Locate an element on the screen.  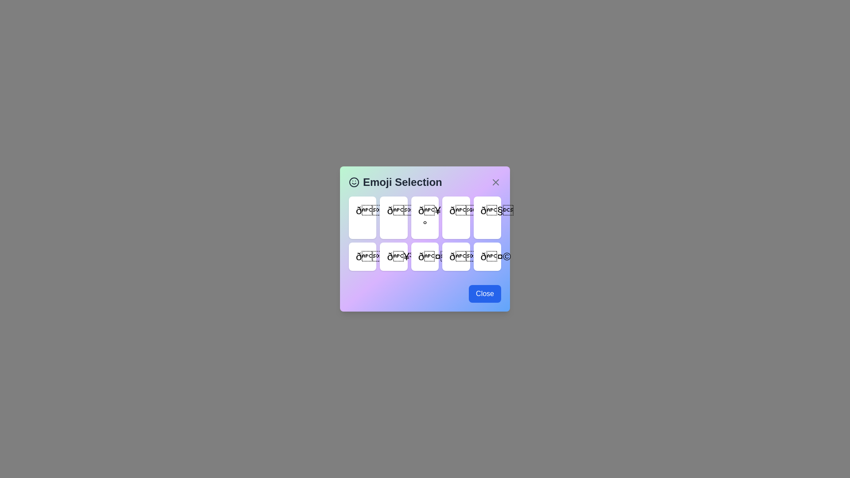
the 'X' button in the top-right corner of the dialog to close it is located at coordinates (495, 182).